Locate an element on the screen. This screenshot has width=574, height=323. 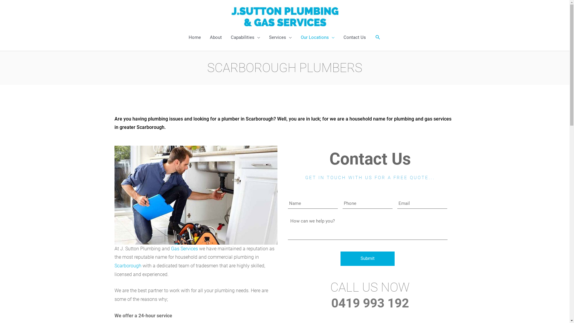
'Gas Services' is located at coordinates (184, 249).